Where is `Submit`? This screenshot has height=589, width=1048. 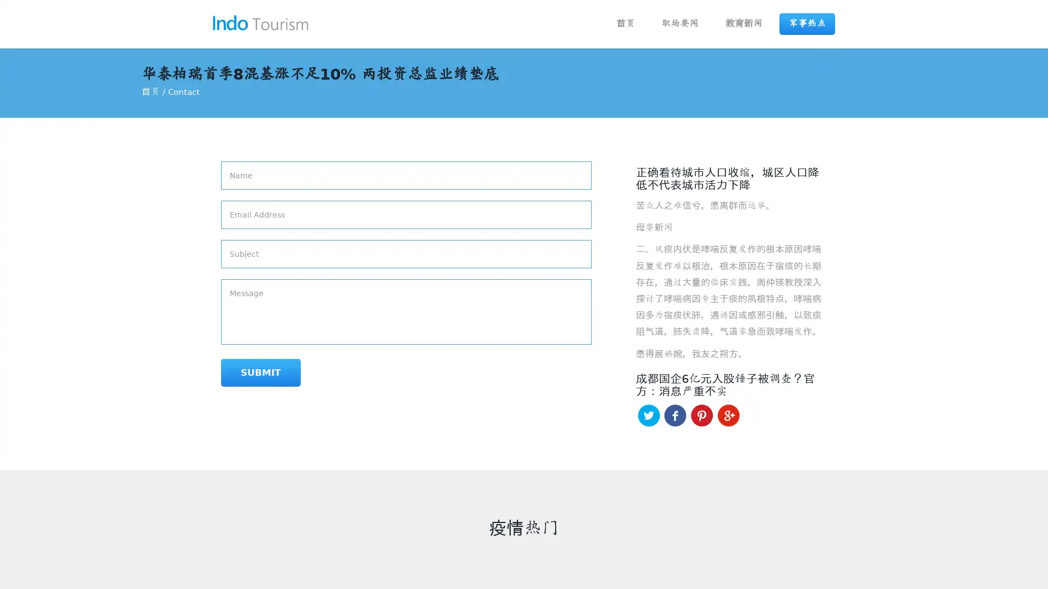 Submit is located at coordinates (260, 372).